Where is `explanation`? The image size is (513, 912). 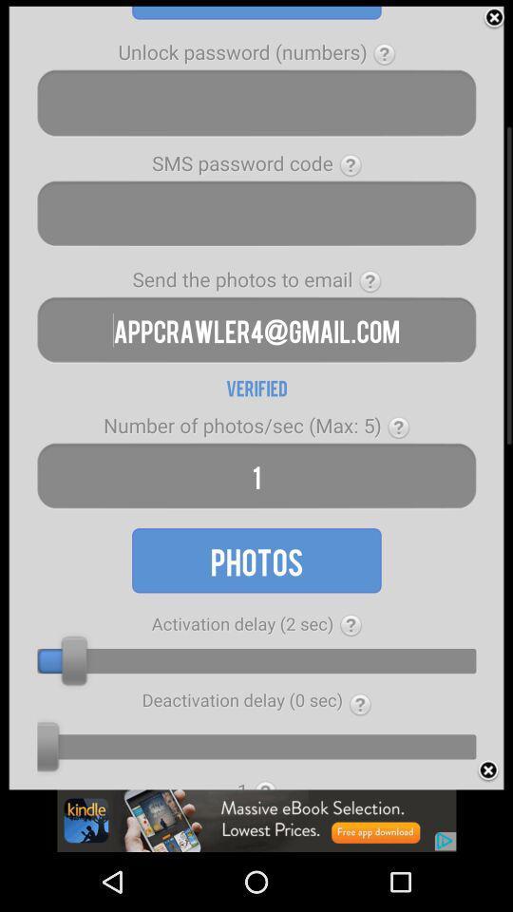
explanation is located at coordinates (370, 280).